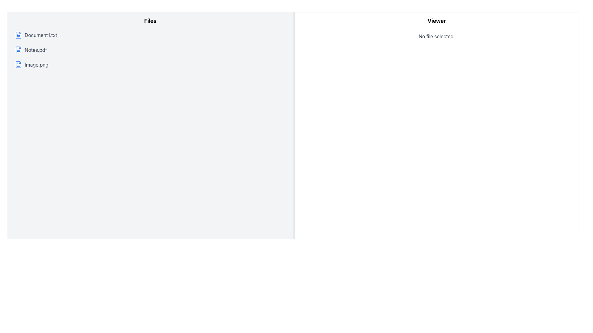 The width and height of the screenshot is (593, 333). I want to click on the document icon representing 'Document1.txt', located at the far left of its list item, so click(18, 35).